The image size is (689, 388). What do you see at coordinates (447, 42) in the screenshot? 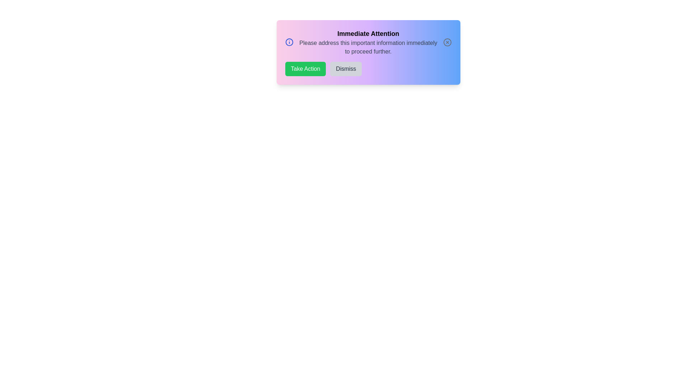
I see `close button to hide the alert` at bounding box center [447, 42].